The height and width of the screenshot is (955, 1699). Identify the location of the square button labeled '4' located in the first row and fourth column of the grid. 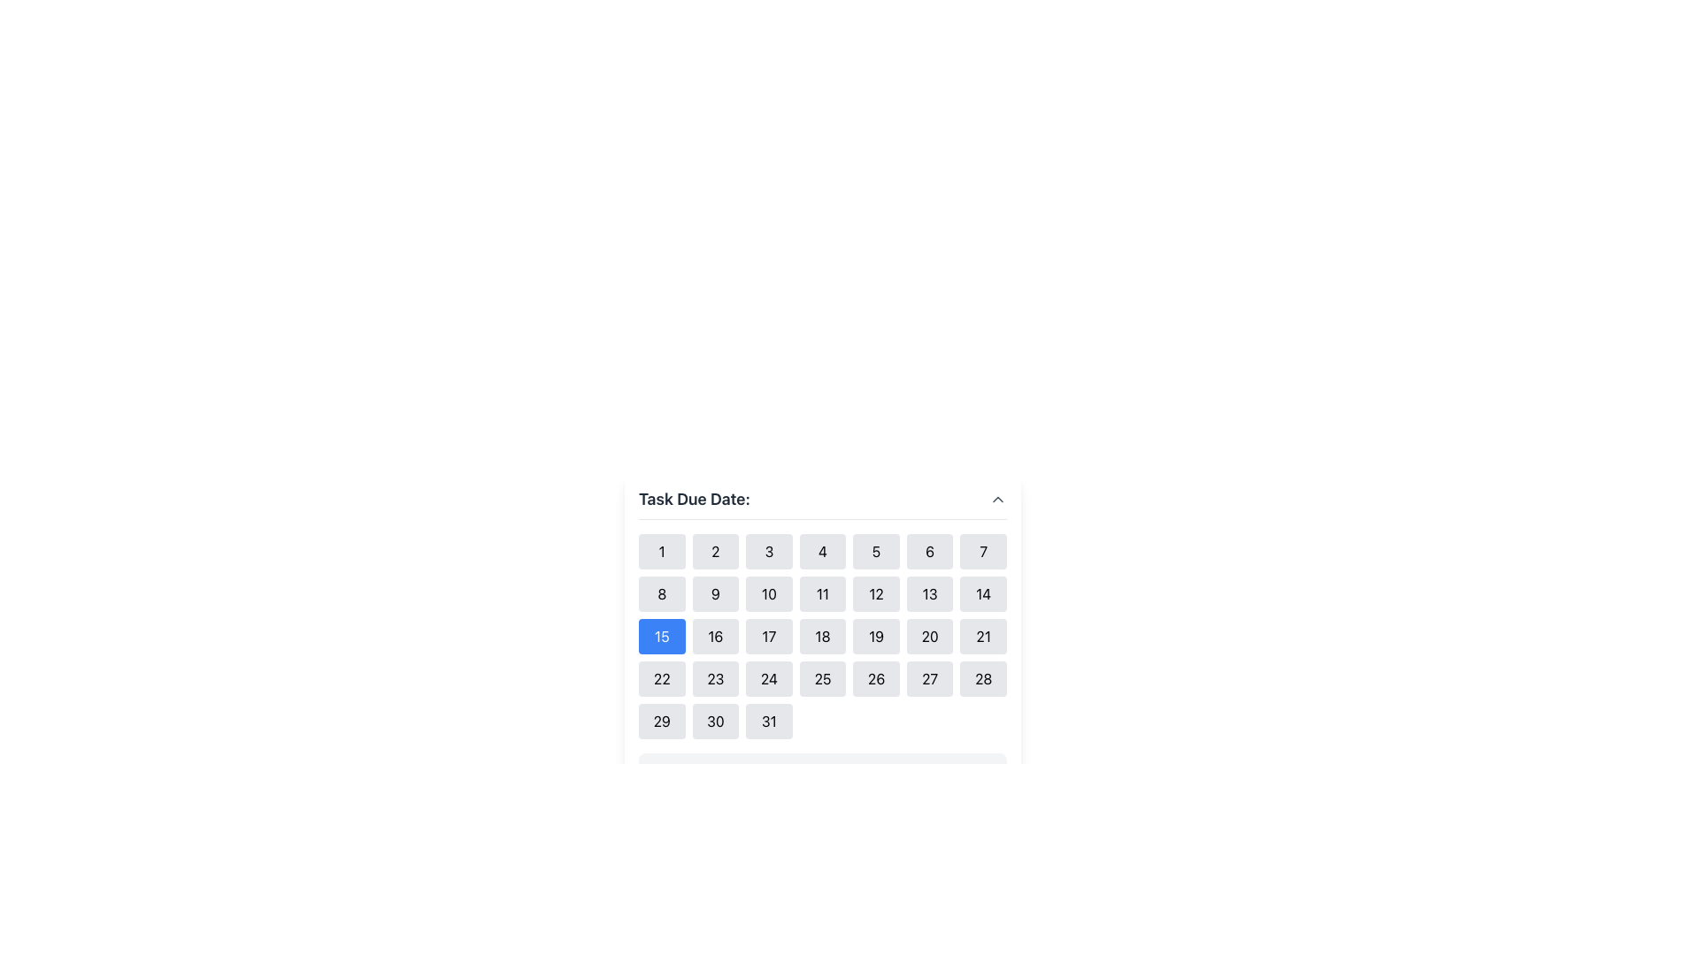
(822, 551).